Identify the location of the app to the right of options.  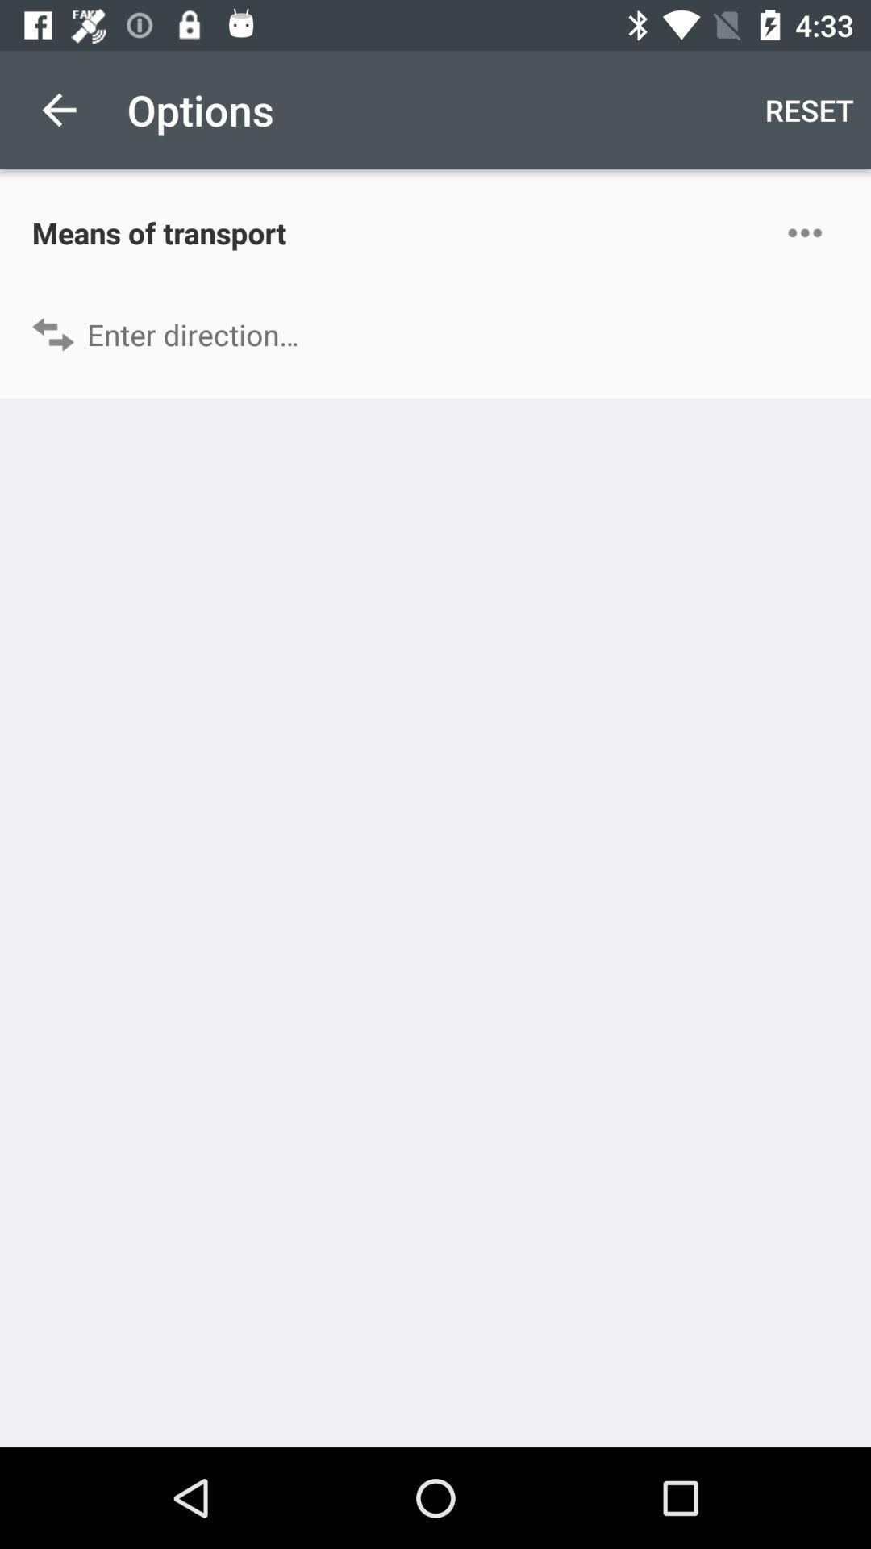
(809, 109).